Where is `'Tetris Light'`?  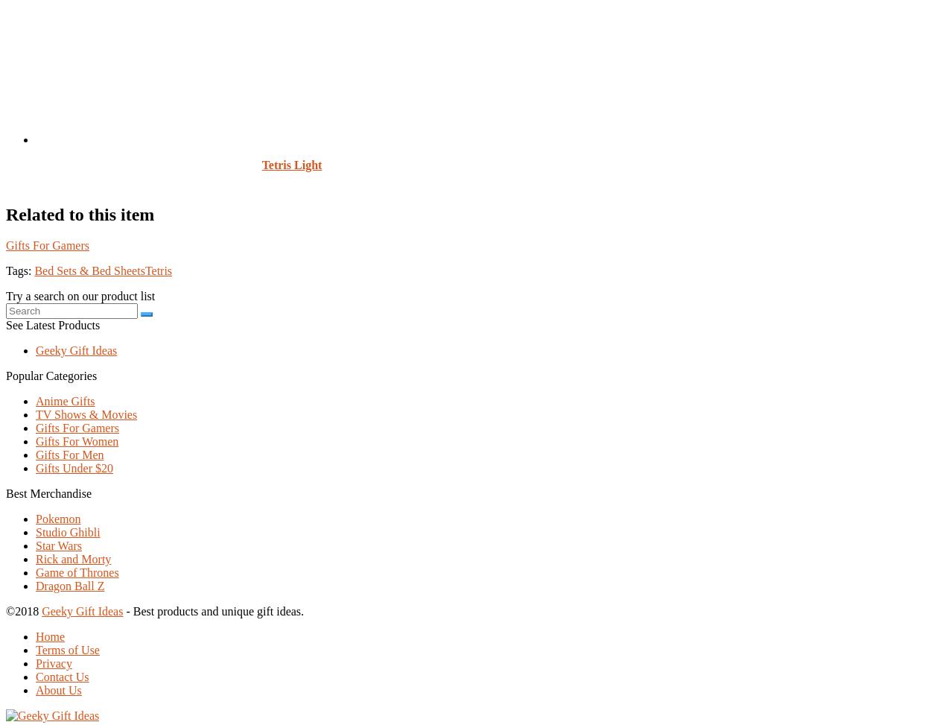 'Tetris Light' is located at coordinates (291, 163).